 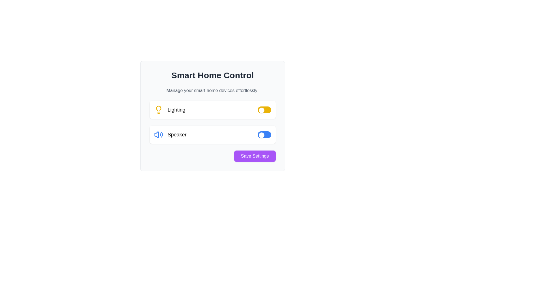 What do you see at coordinates (158, 108) in the screenshot?
I see `the Lightbulb icon located at the top-left of the 'Lighting' section, above the text 'Lighting', and to the left of the toggle switch` at bounding box center [158, 108].